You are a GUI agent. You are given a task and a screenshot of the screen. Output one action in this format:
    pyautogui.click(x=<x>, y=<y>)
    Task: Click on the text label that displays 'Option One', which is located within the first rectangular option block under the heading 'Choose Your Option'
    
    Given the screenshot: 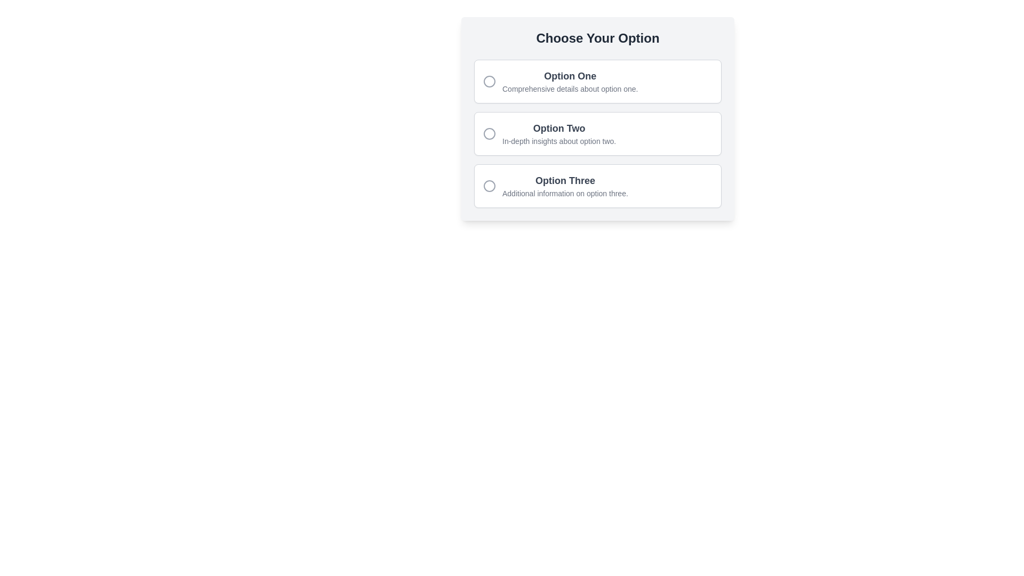 What is the action you would take?
    pyautogui.click(x=570, y=75)
    